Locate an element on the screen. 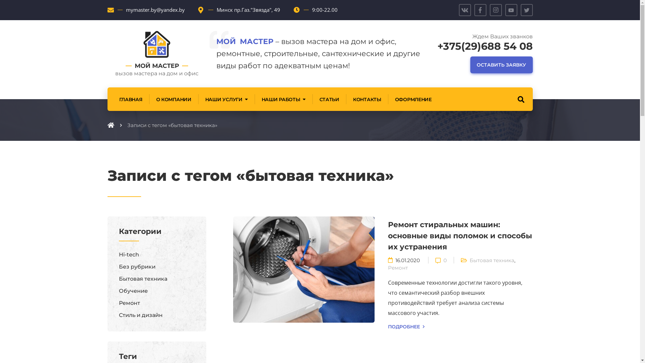 The image size is (645, 363). 'Twitter' is located at coordinates (526, 10).